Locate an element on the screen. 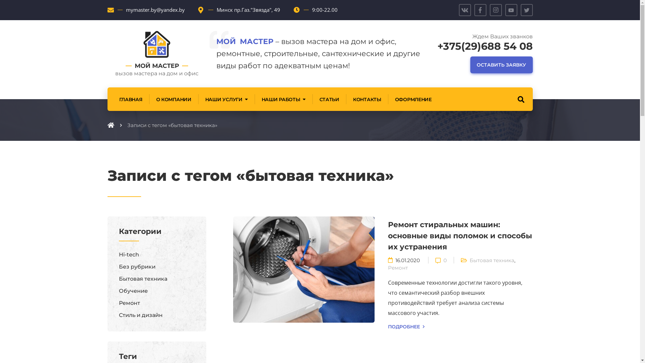 The image size is (645, 363). 'Twitter' is located at coordinates (526, 10).